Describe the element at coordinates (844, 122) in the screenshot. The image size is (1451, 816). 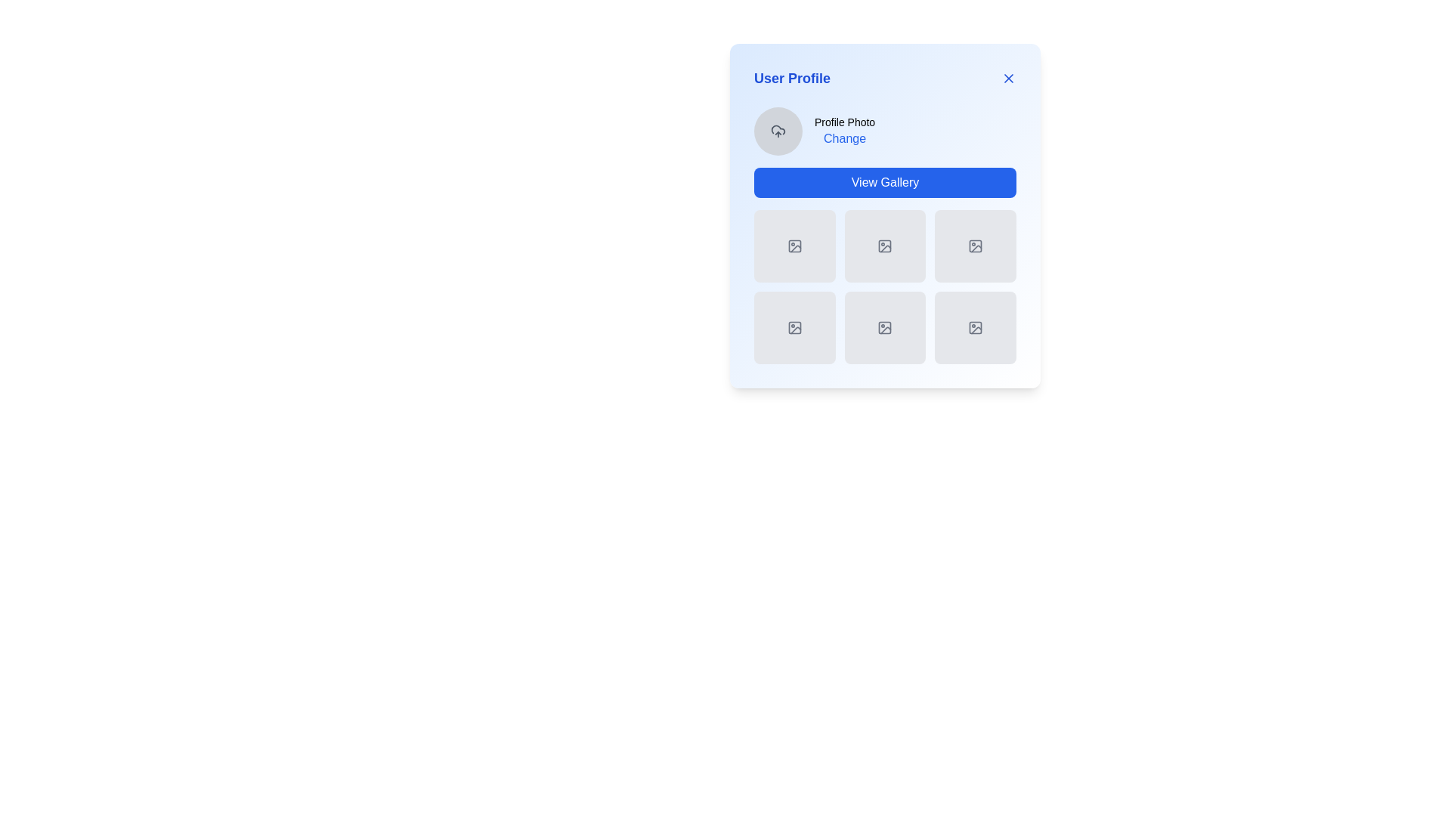
I see `the 'Profile Photo' text label displayed in a medium-sized, bold-like font, aligned left, and located within a light blue background in the 'User Profile' modal, positioned above the 'Change' link` at that location.